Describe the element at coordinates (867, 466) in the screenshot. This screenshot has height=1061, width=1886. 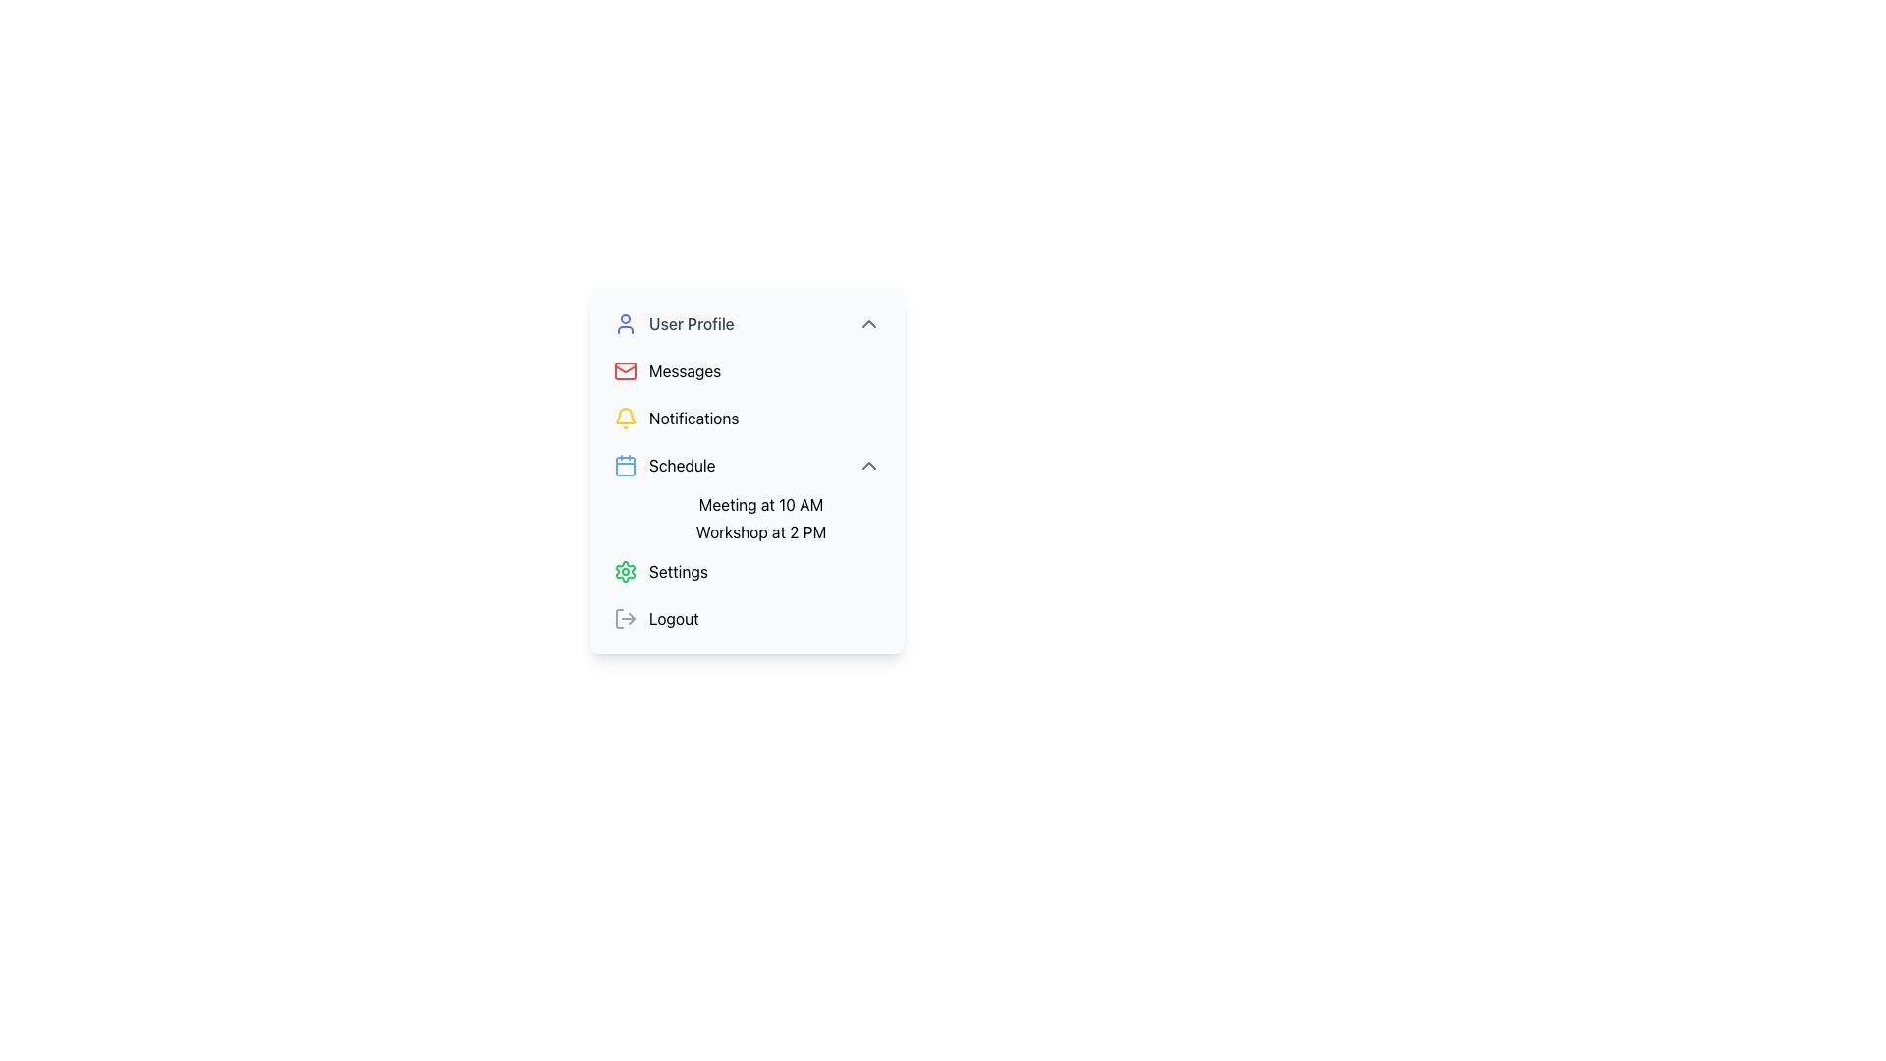
I see `the expand/collapse indicator icon for the 'Schedule' item to trigger the tooltip or highlight effects` at that location.